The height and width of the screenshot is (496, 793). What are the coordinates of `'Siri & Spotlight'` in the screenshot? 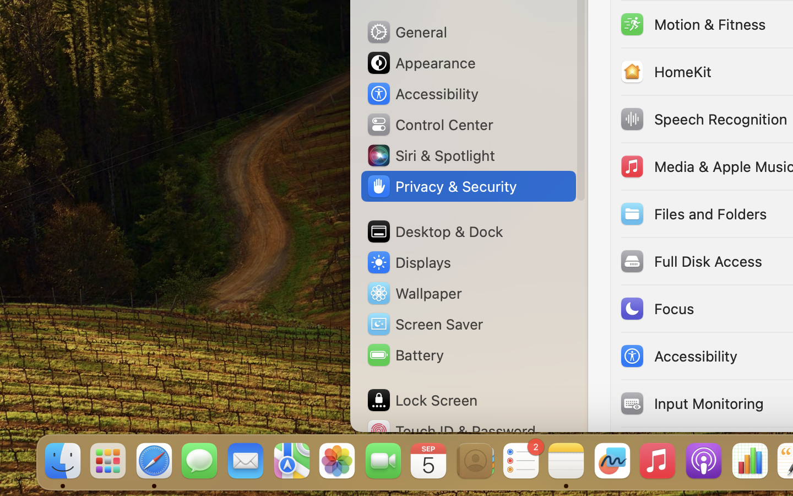 It's located at (430, 154).